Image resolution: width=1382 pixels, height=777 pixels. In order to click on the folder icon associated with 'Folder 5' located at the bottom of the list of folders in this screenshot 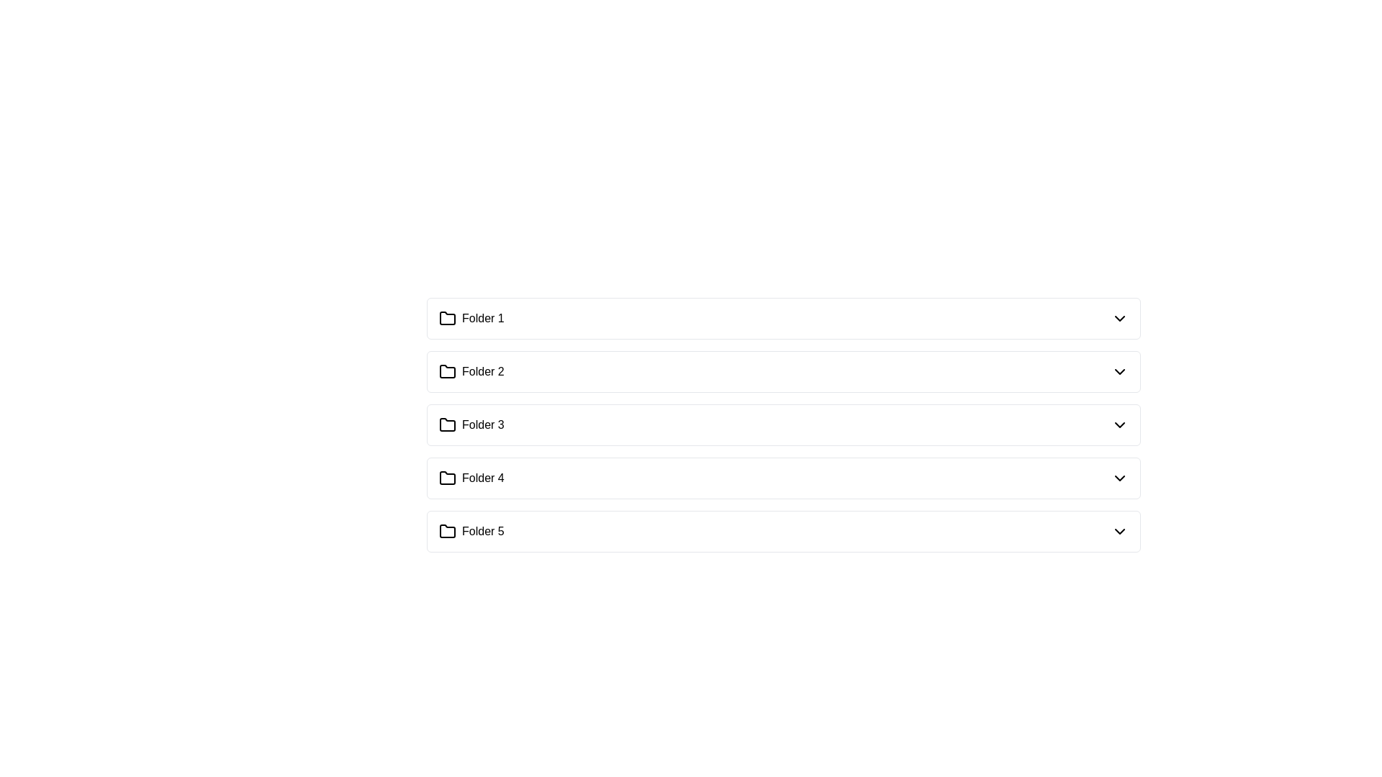, I will do `click(447, 530)`.